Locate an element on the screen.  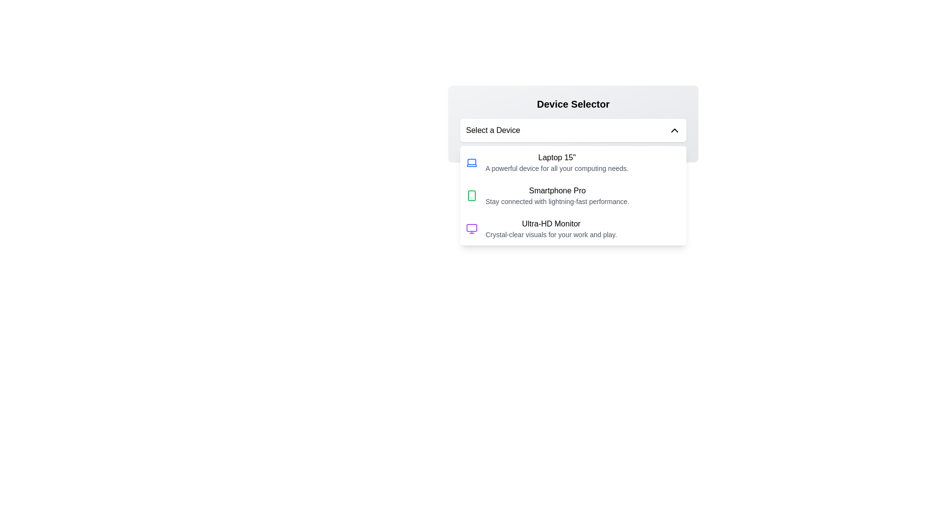
visual indicator SVG element representing the smartphone icon located adjacent to the text 'Smartphone Pro' in the dropdown menu is located at coordinates (472, 195).